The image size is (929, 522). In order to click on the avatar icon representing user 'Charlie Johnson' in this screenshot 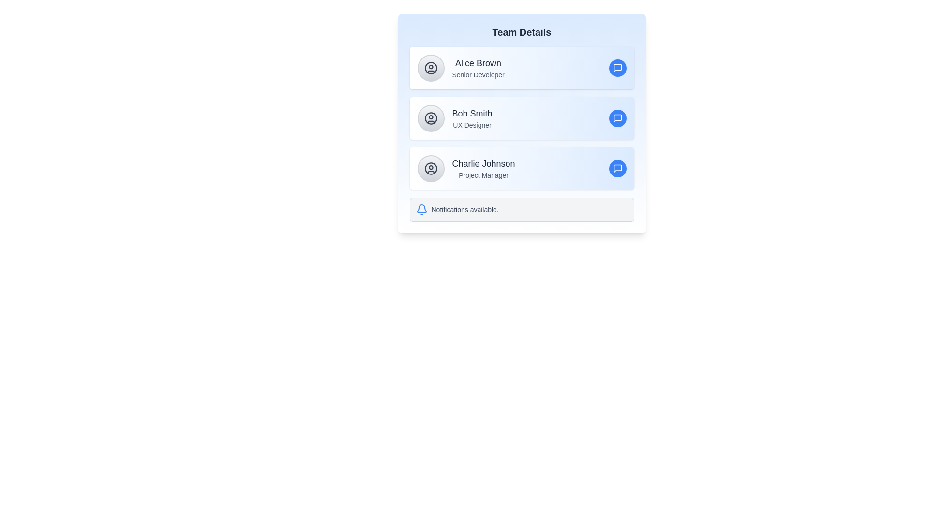, I will do `click(430, 168)`.